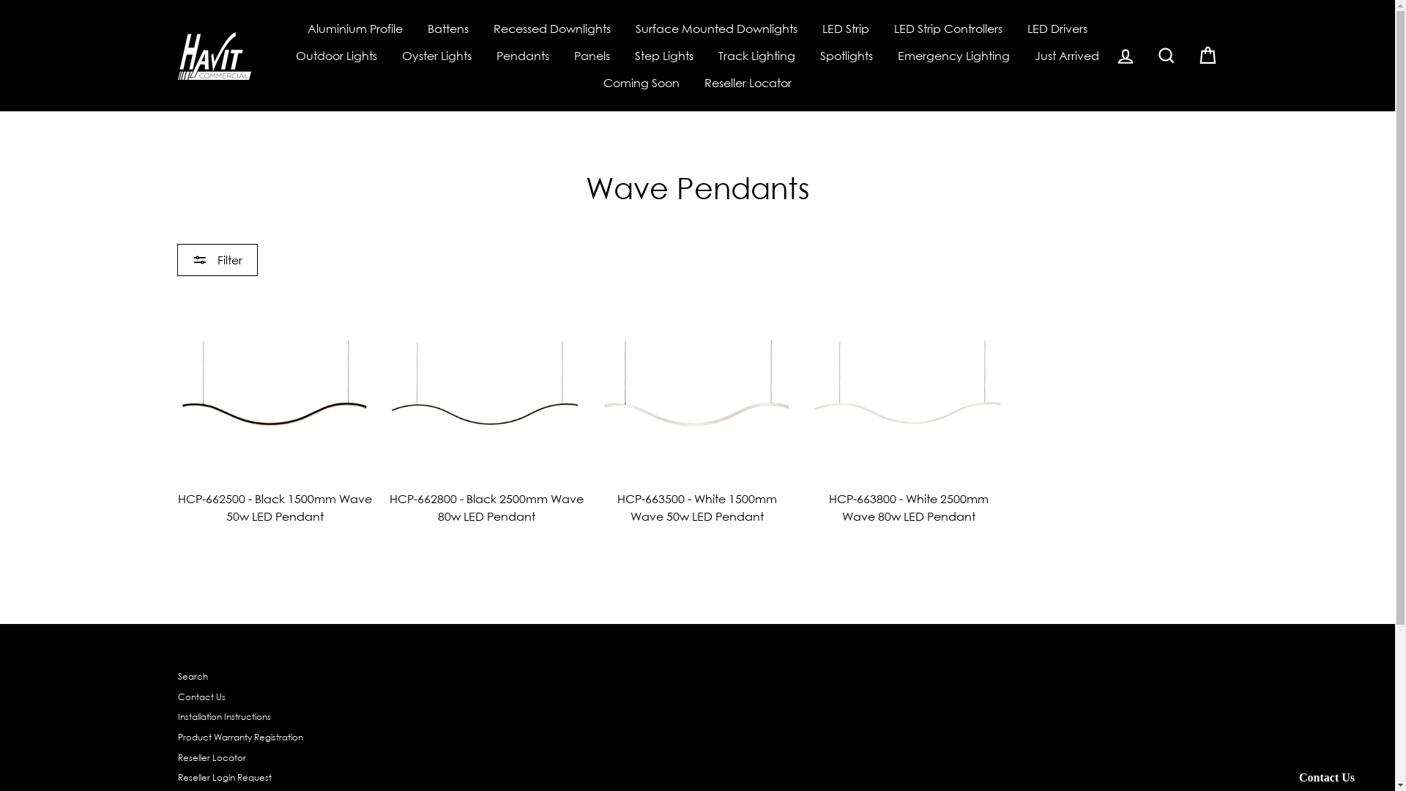 The image size is (1406, 791). I want to click on 'HCP-663800 - White 2500mm Wave 80w LED Pendant', so click(908, 409).